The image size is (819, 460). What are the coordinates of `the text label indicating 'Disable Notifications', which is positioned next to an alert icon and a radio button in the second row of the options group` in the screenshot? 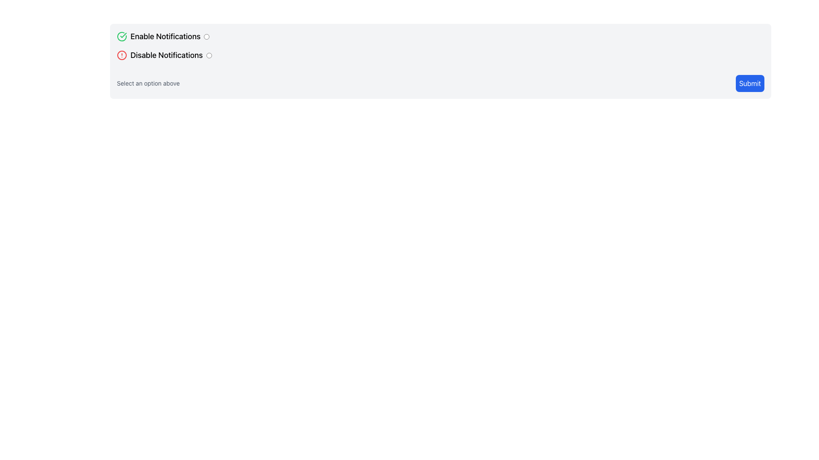 It's located at (166, 55).